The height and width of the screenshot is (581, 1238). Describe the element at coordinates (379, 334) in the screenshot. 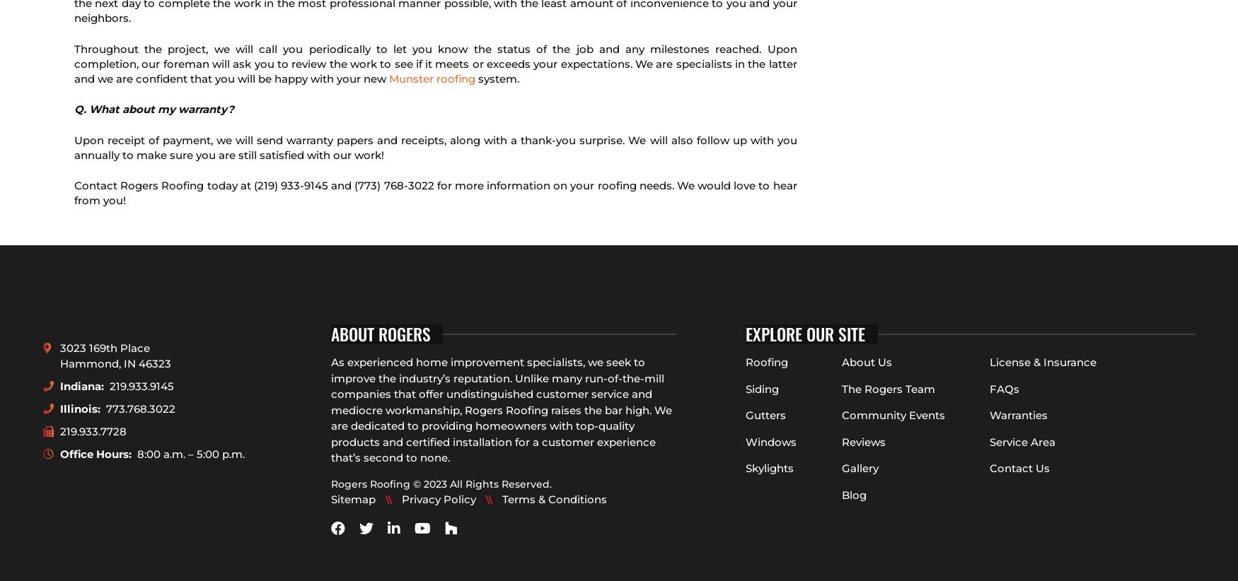

I see `'About Rogers'` at that location.